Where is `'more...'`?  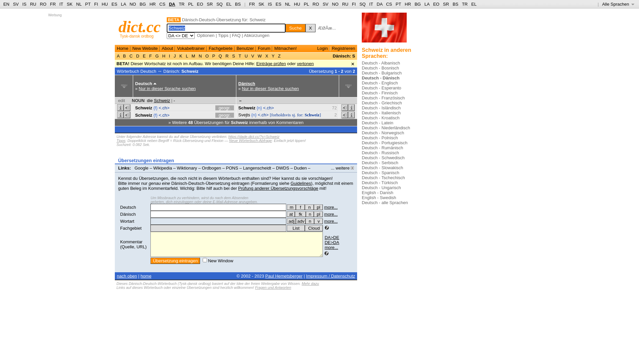
'more...' is located at coordinates (330, 207).